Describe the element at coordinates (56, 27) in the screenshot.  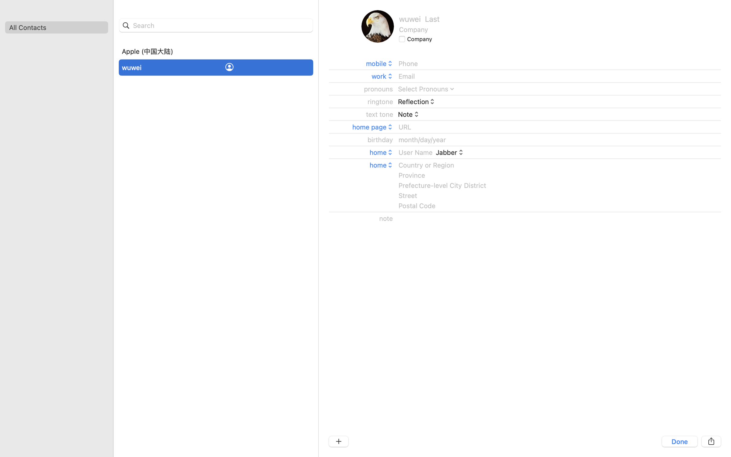
I see `'All Contacts'` at that location.